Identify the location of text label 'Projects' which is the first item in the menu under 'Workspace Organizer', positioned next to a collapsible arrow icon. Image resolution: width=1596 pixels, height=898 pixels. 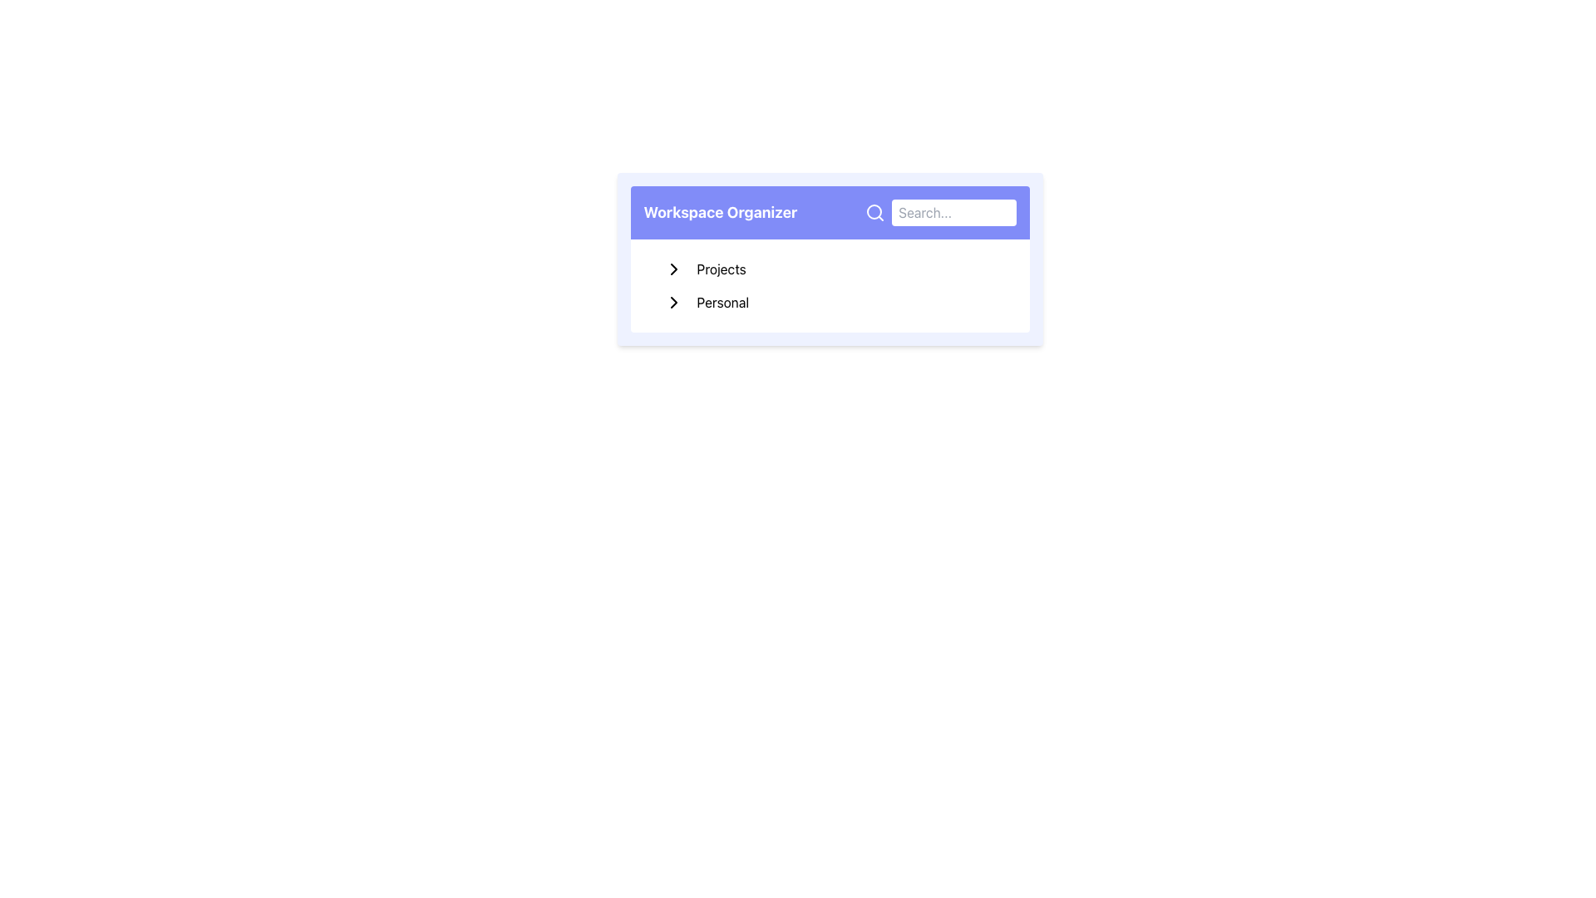
(722, 269).